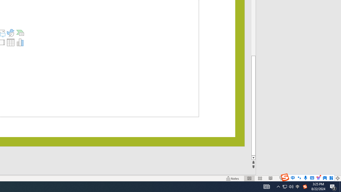  What do you see at coordinates (328, 178) in the screenshot?
I see `'Zoom 140%'` at bounding box center [328, 178].